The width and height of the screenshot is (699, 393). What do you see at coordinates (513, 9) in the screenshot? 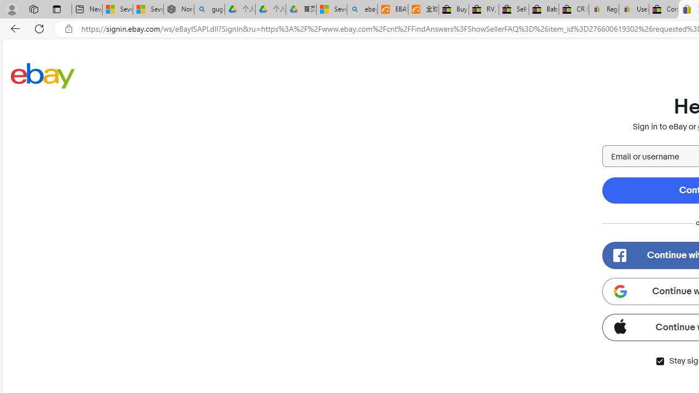
I see `'Sell worldwide with eBay'` at bounding box center [513, 9].